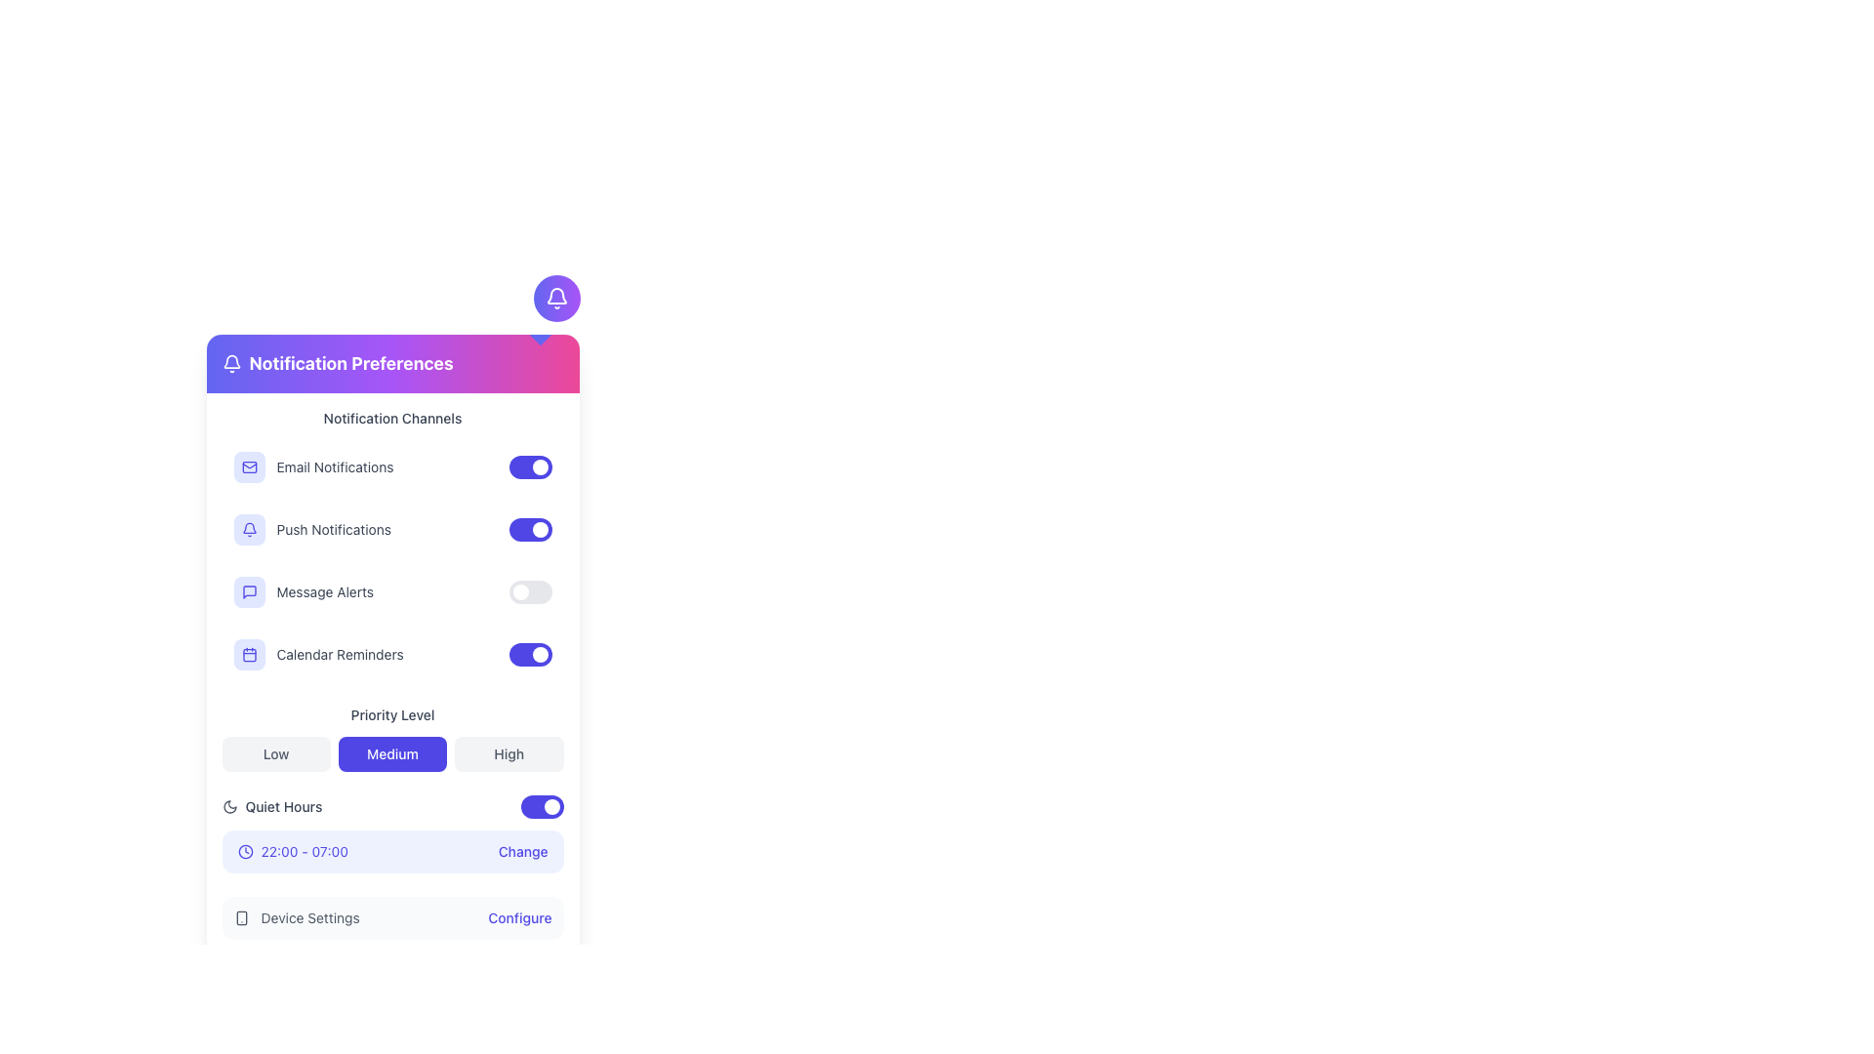 Image resolution: width=1874 pixels, height=1054 pixels. I want to click on the 'Message Alerts' icon located in the 'Notification Channels' section of the 'Notification Preferences' panel, which is the third icon in the row, so click(248, 590).